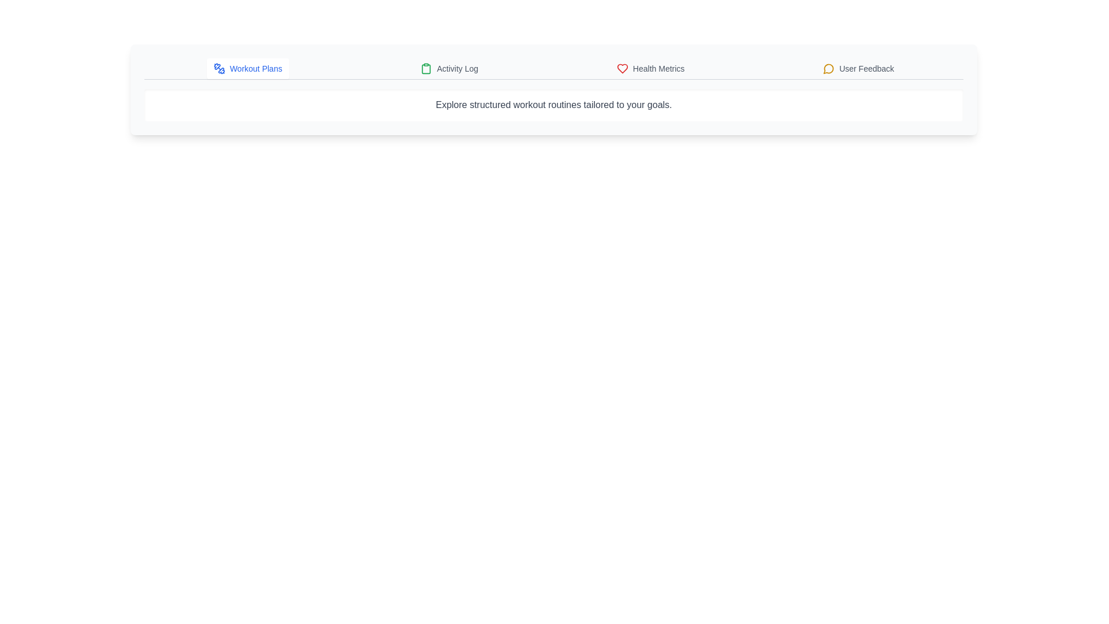 This screenshot has width=1109, height=624. What do you see at coordinates (247, 69) in the screenshot?
I see `the 'Workout Plans' navigation button located at the top of the interface to trigger visual feedback` at bounding box center [247, 69].